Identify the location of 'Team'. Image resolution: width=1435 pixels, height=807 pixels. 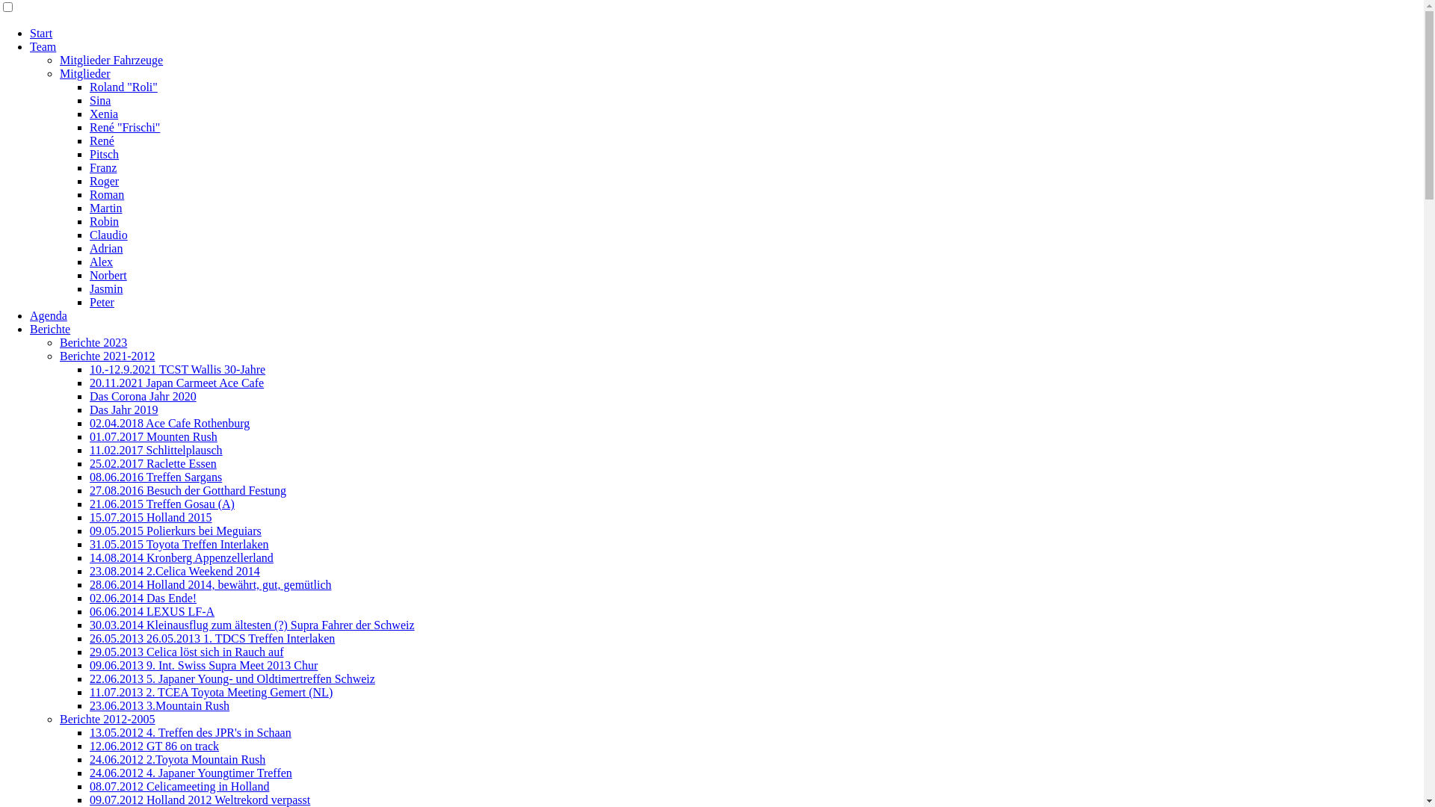
(29, 46).